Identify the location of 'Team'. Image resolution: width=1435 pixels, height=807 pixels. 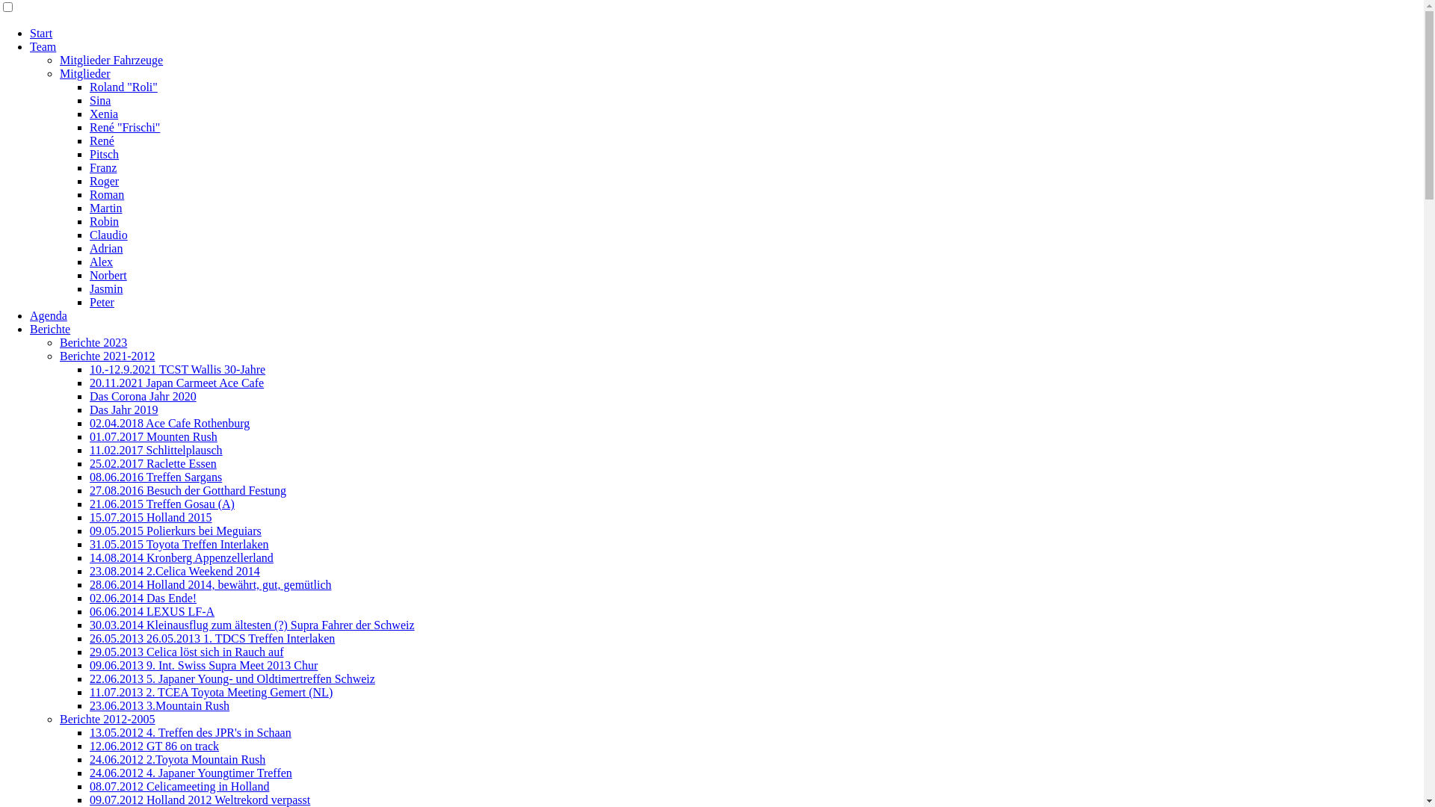
(29, 46).